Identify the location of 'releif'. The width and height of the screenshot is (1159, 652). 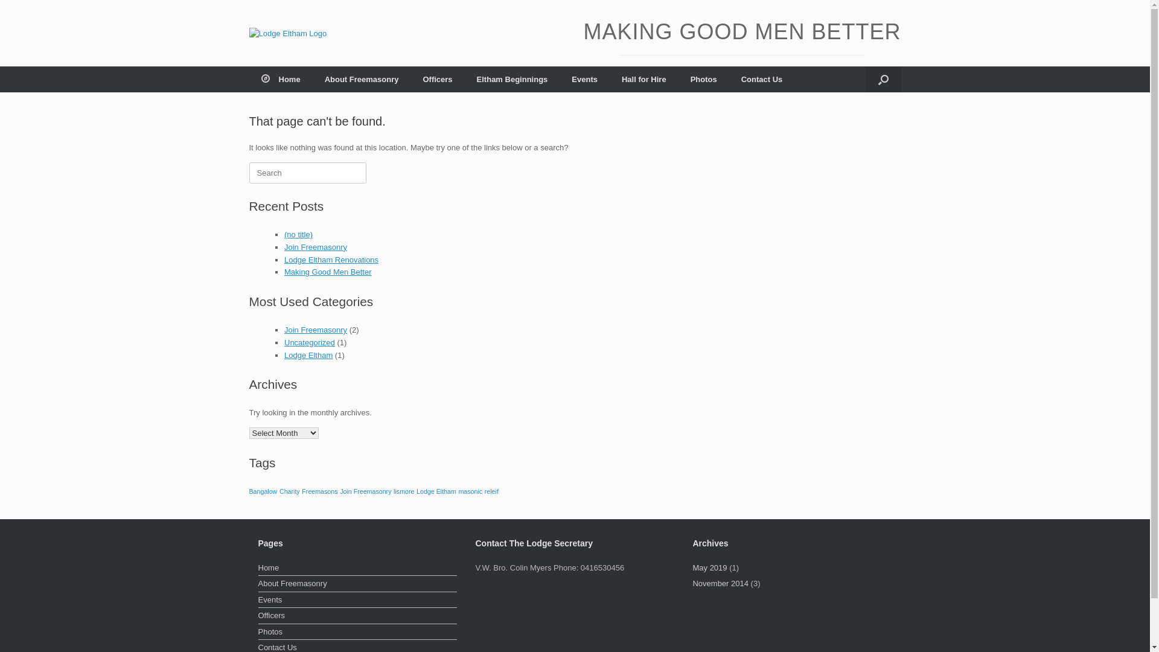
(491, 491).